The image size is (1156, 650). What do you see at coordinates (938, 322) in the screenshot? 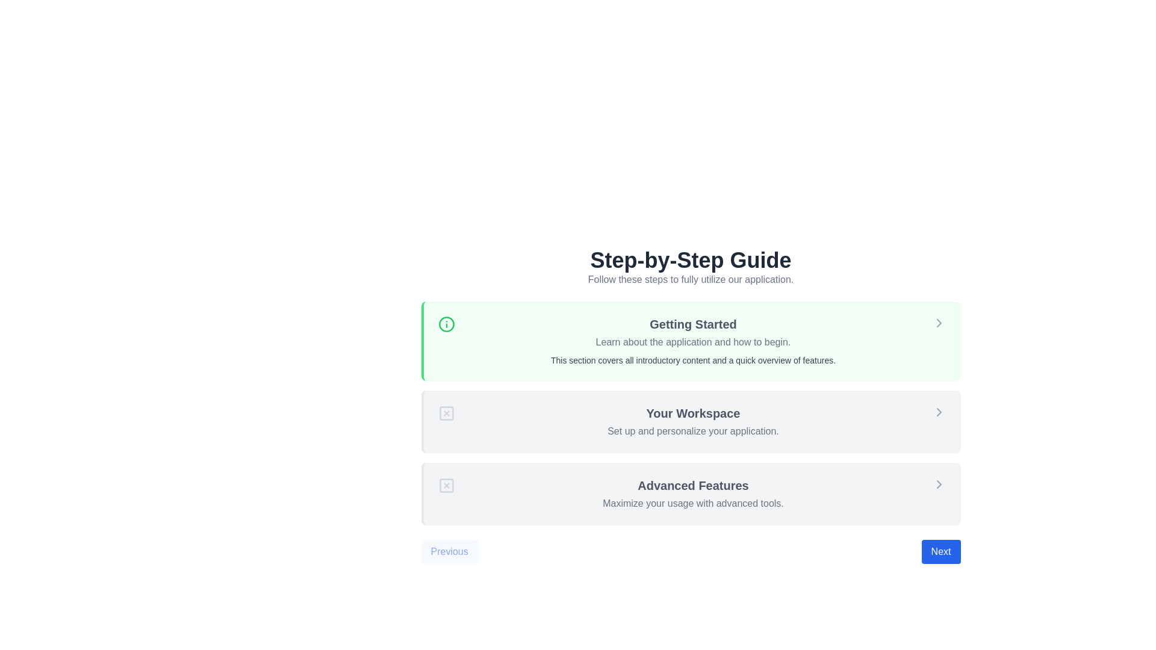
I see `the progression or navigation icon located in the right portion of the 'Getting Started' section, near the top of the interface` at bounding box center [938, 322].